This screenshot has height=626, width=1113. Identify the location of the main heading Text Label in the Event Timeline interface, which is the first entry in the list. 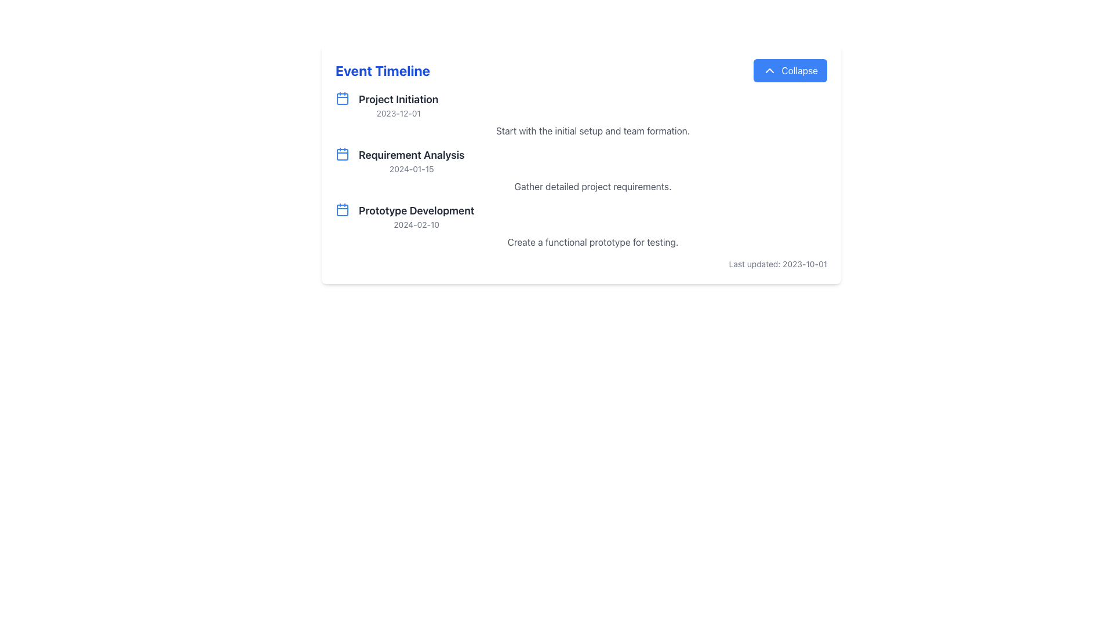
(398, 99).